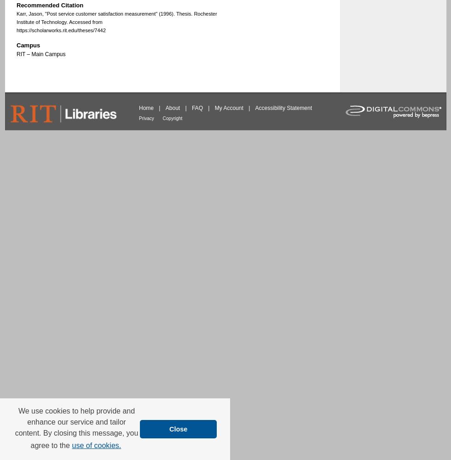 Image resolution: width=451 pixels, height=460 pixels. Describe the element at coordinates (147, 107) in the screenshot. I see `'Home'` at that location.